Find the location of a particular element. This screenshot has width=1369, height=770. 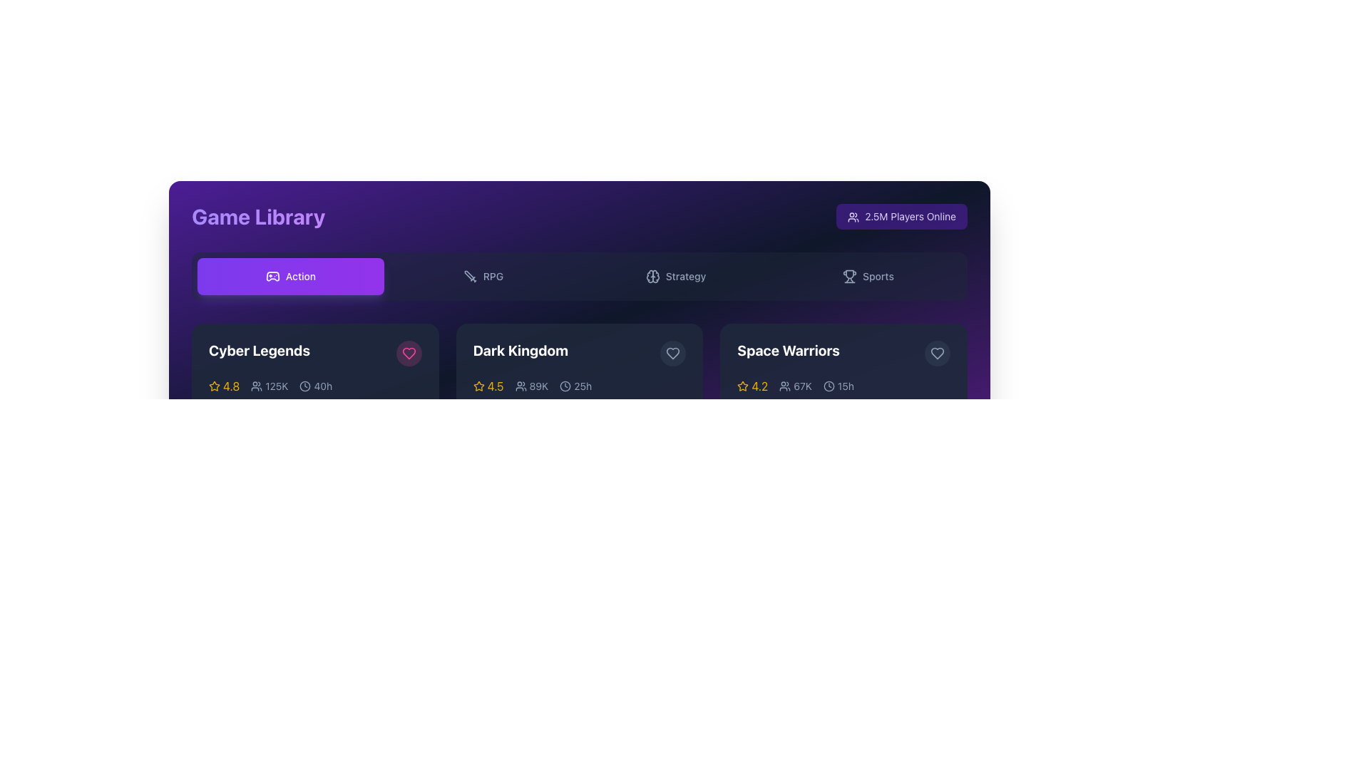

the 'Sports' button, which is a rectangular button with rounded corners and a trophy icon is located at coordinates (868, 277).